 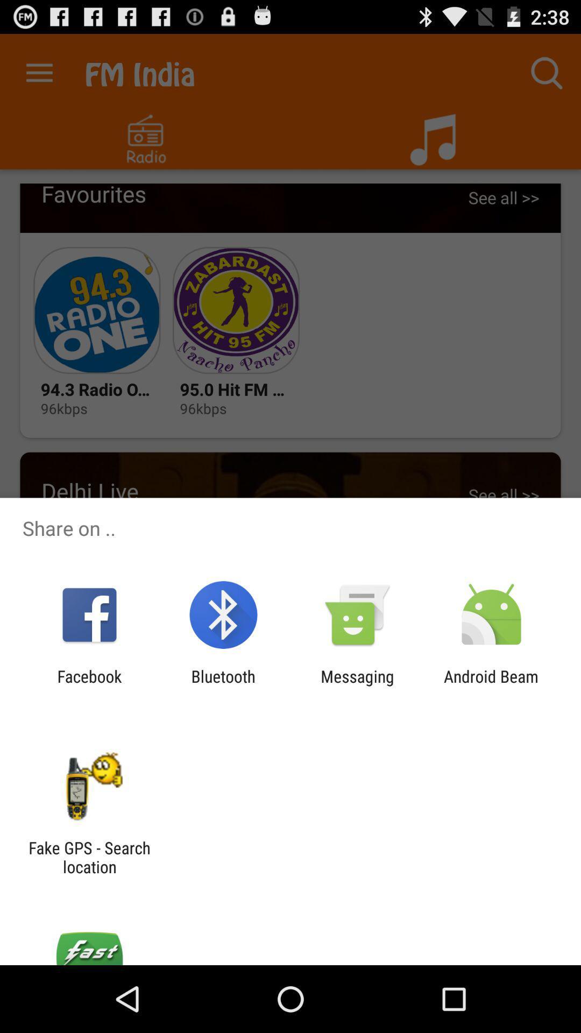 I want to click on icon next to facebook app, so click(x=223, y=685).